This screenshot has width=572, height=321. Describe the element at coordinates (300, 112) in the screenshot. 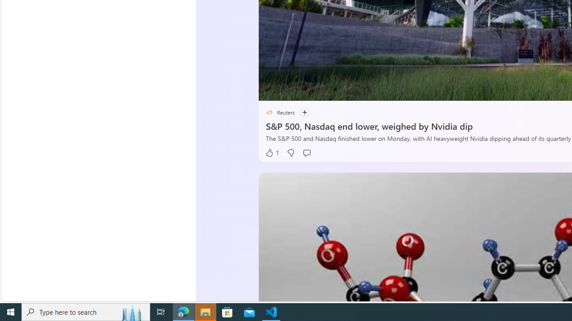

I see `'Follow'` at that location.